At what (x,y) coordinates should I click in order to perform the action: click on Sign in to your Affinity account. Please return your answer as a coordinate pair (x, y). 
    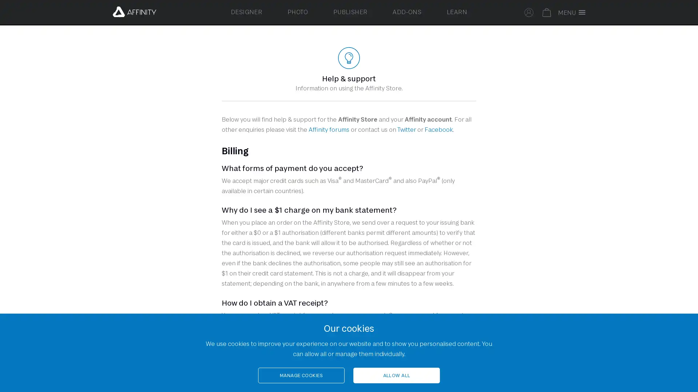
    Looking at the image, I should click on (529, 11).